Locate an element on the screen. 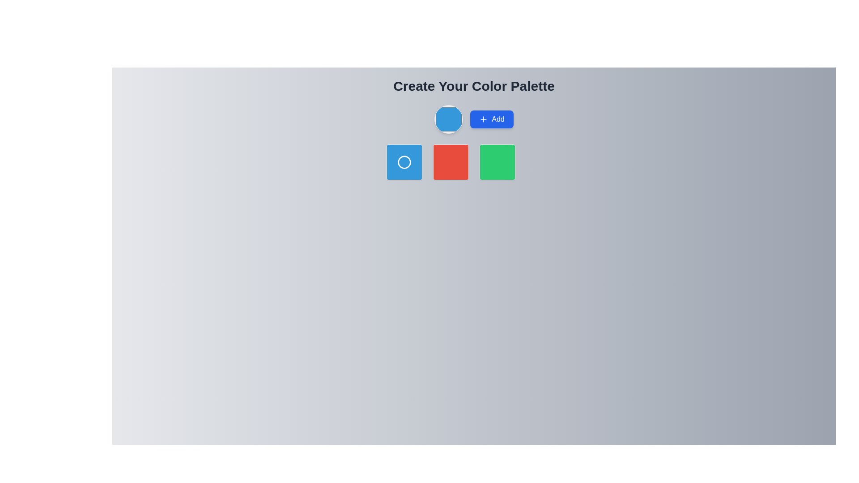 The image size is (859, 483). the first selectable grid item located in the bottom left area of the grid under the 'Create Your Color Palette' header is located at coordinates (404, 162).